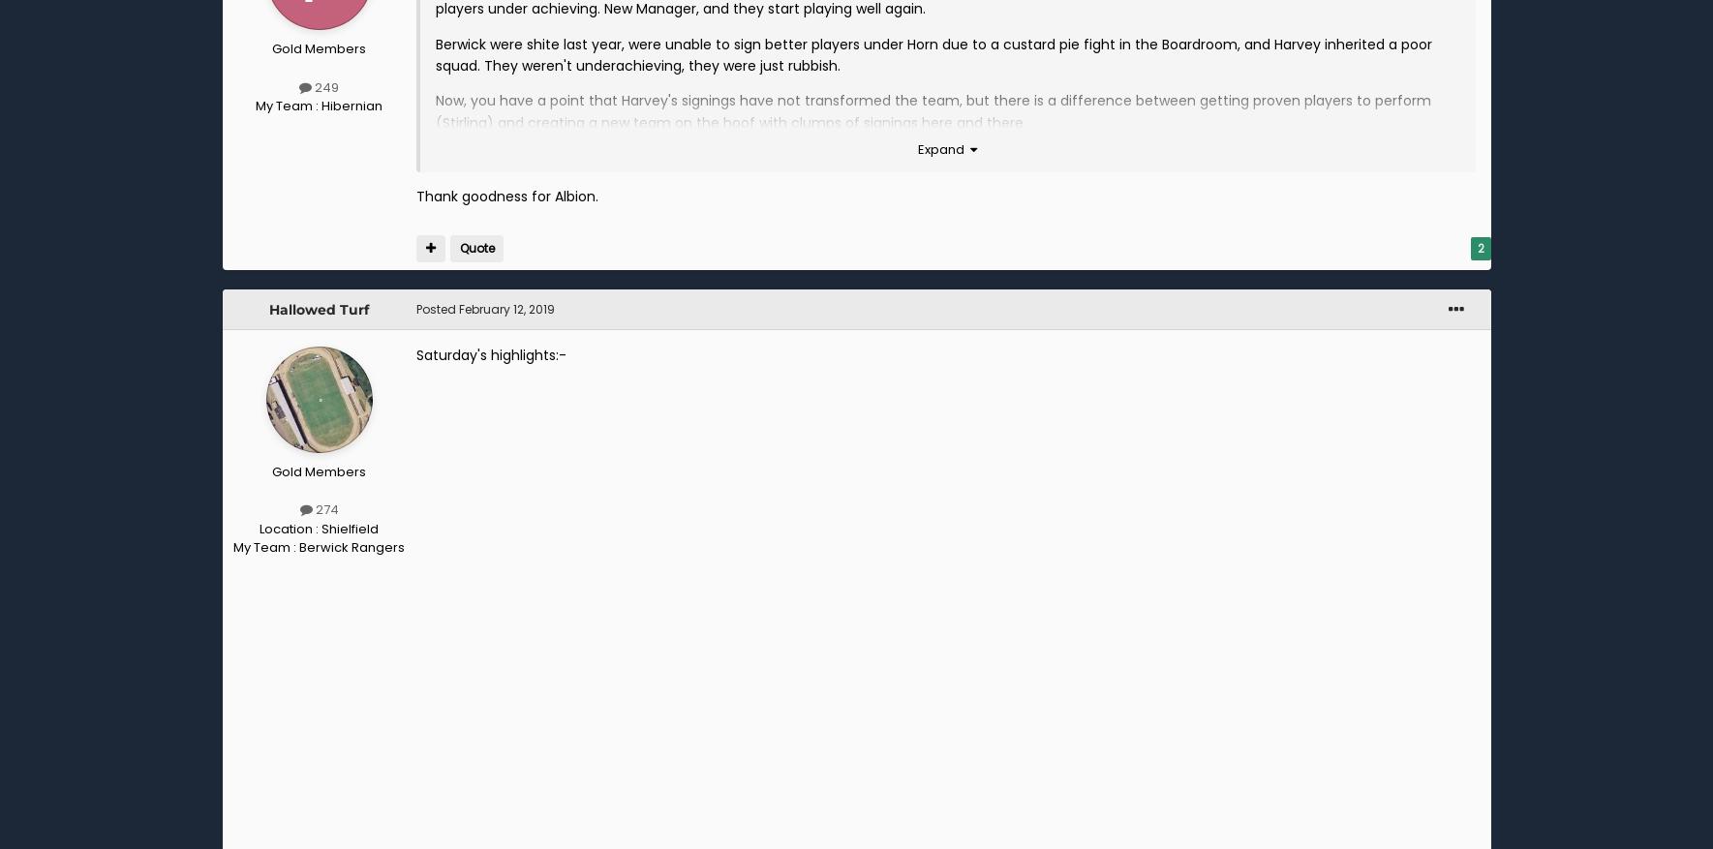 Image resolution: width=1713 pixels, height=849 pixels. Describe the element at coordinates (1479, 248) in the screenshot. I see `'2'` at that location.